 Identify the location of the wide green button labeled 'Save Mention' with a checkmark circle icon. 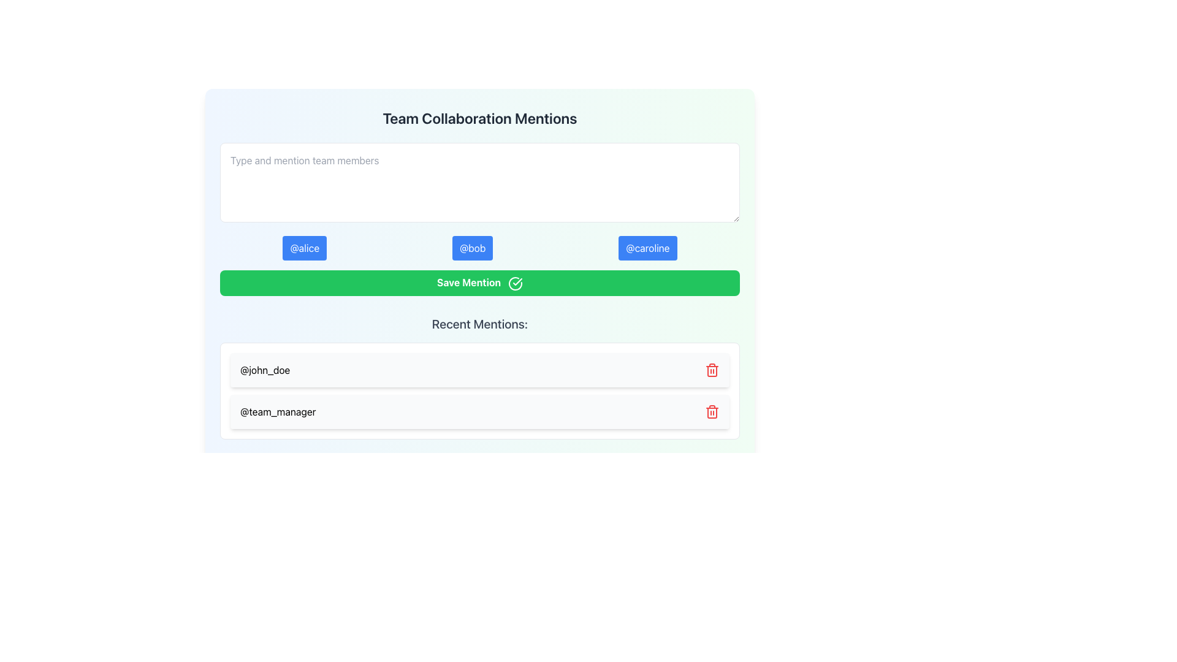
(479, 283).